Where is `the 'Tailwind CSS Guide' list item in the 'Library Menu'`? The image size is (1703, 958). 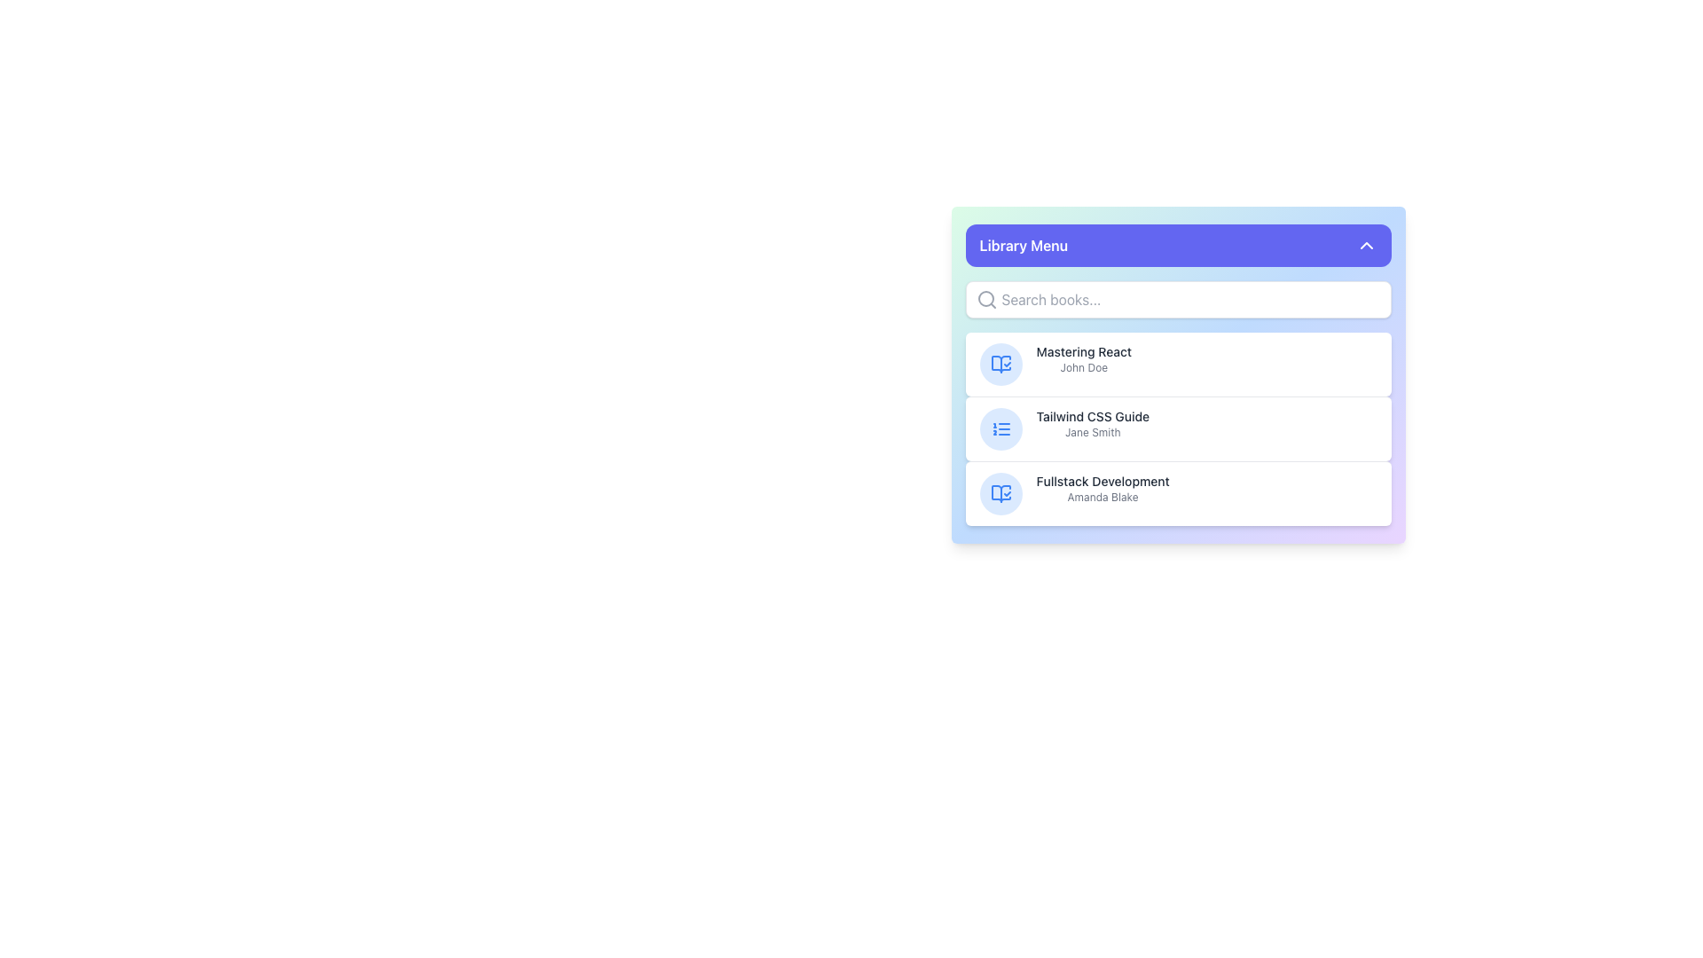 the 'Tailwind CSS Guide' list item in the 'Library Menu' is located at coordinates (1178, 428).